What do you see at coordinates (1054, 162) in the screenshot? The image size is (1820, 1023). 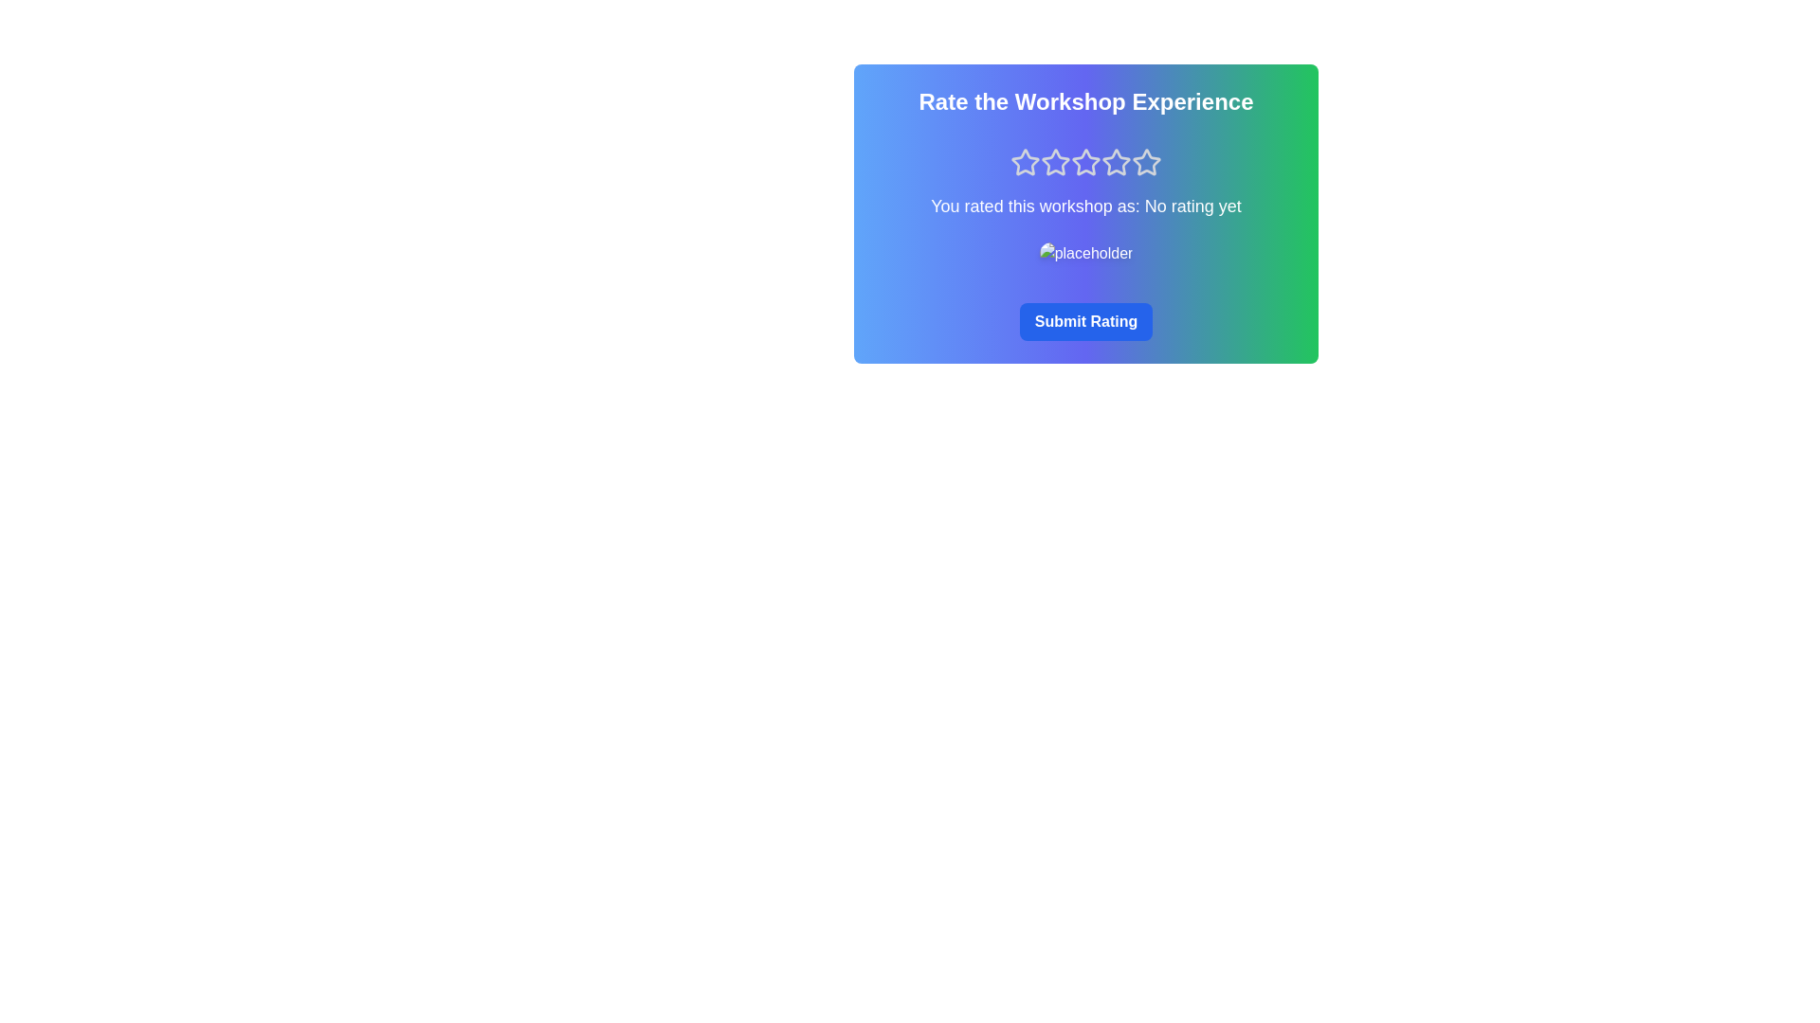 I see `the rating to 2 stars by clicking the corresponding star` at bounding box center [1054, 162].